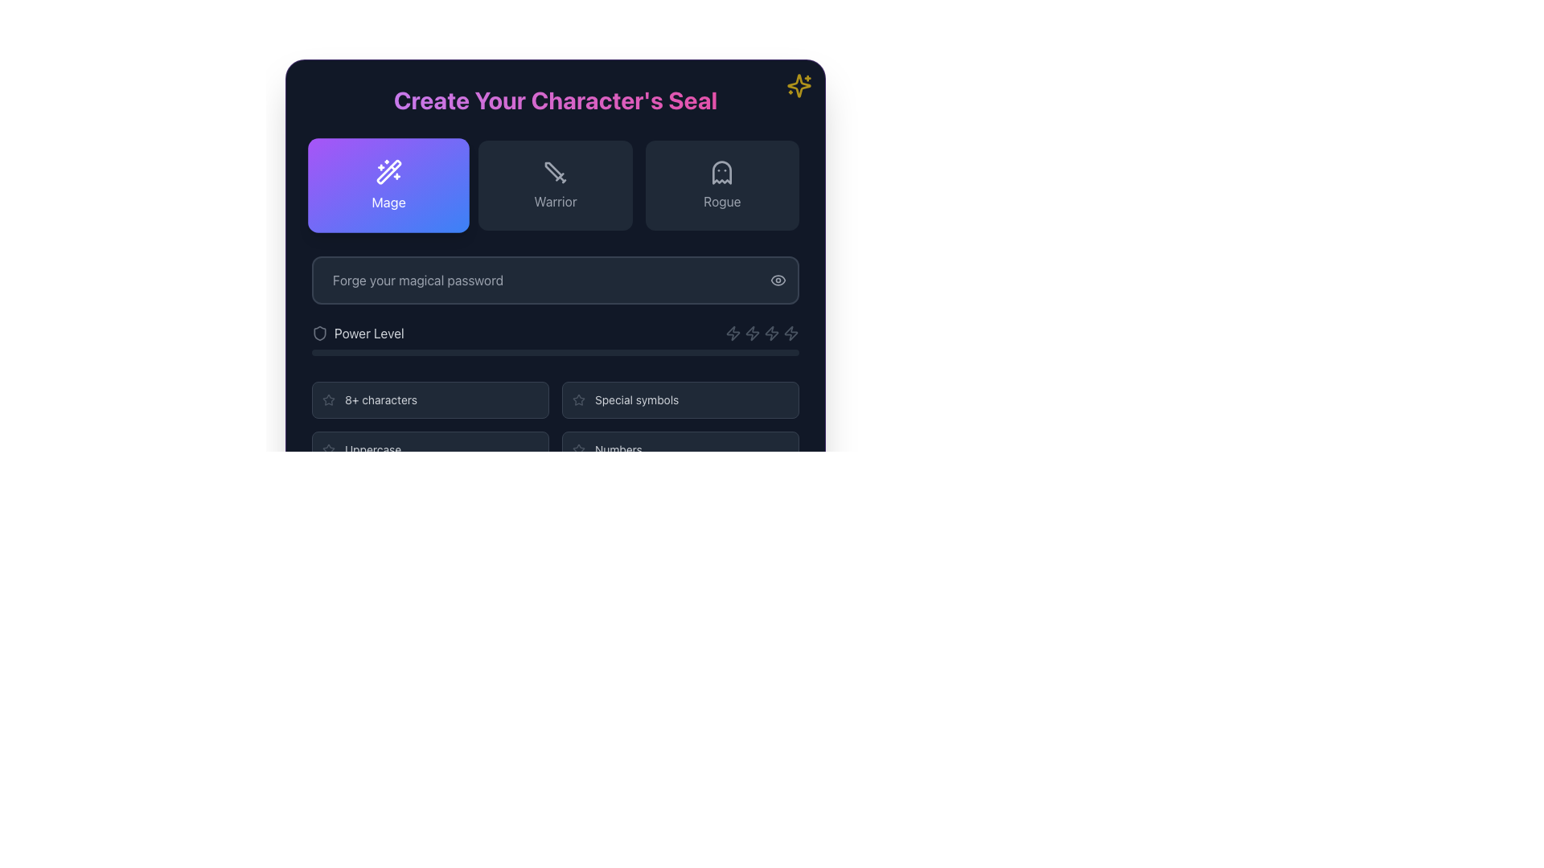  Describe the element at coordinates (556, 173) in the screenshot. I see `the 'warrior' icon in the character selection interface, which is centered below the 'Warrior' text label and above the bottom boundary of the button` at that location.